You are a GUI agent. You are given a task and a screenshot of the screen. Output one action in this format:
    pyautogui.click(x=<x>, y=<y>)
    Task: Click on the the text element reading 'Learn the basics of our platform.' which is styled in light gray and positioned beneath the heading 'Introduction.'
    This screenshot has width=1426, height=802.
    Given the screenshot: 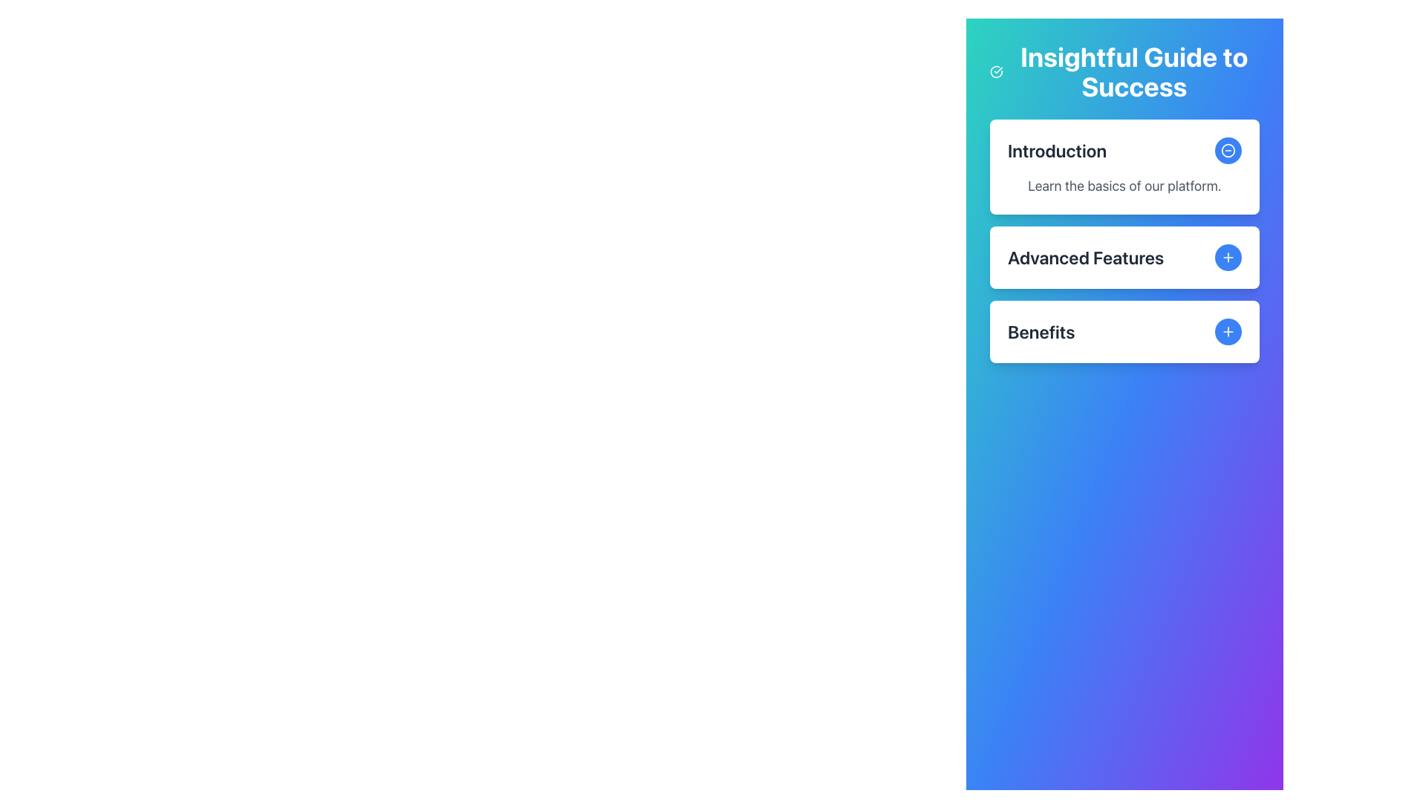 What is the action you would take?
    pyautogui.click(x=1124, y=185)
    